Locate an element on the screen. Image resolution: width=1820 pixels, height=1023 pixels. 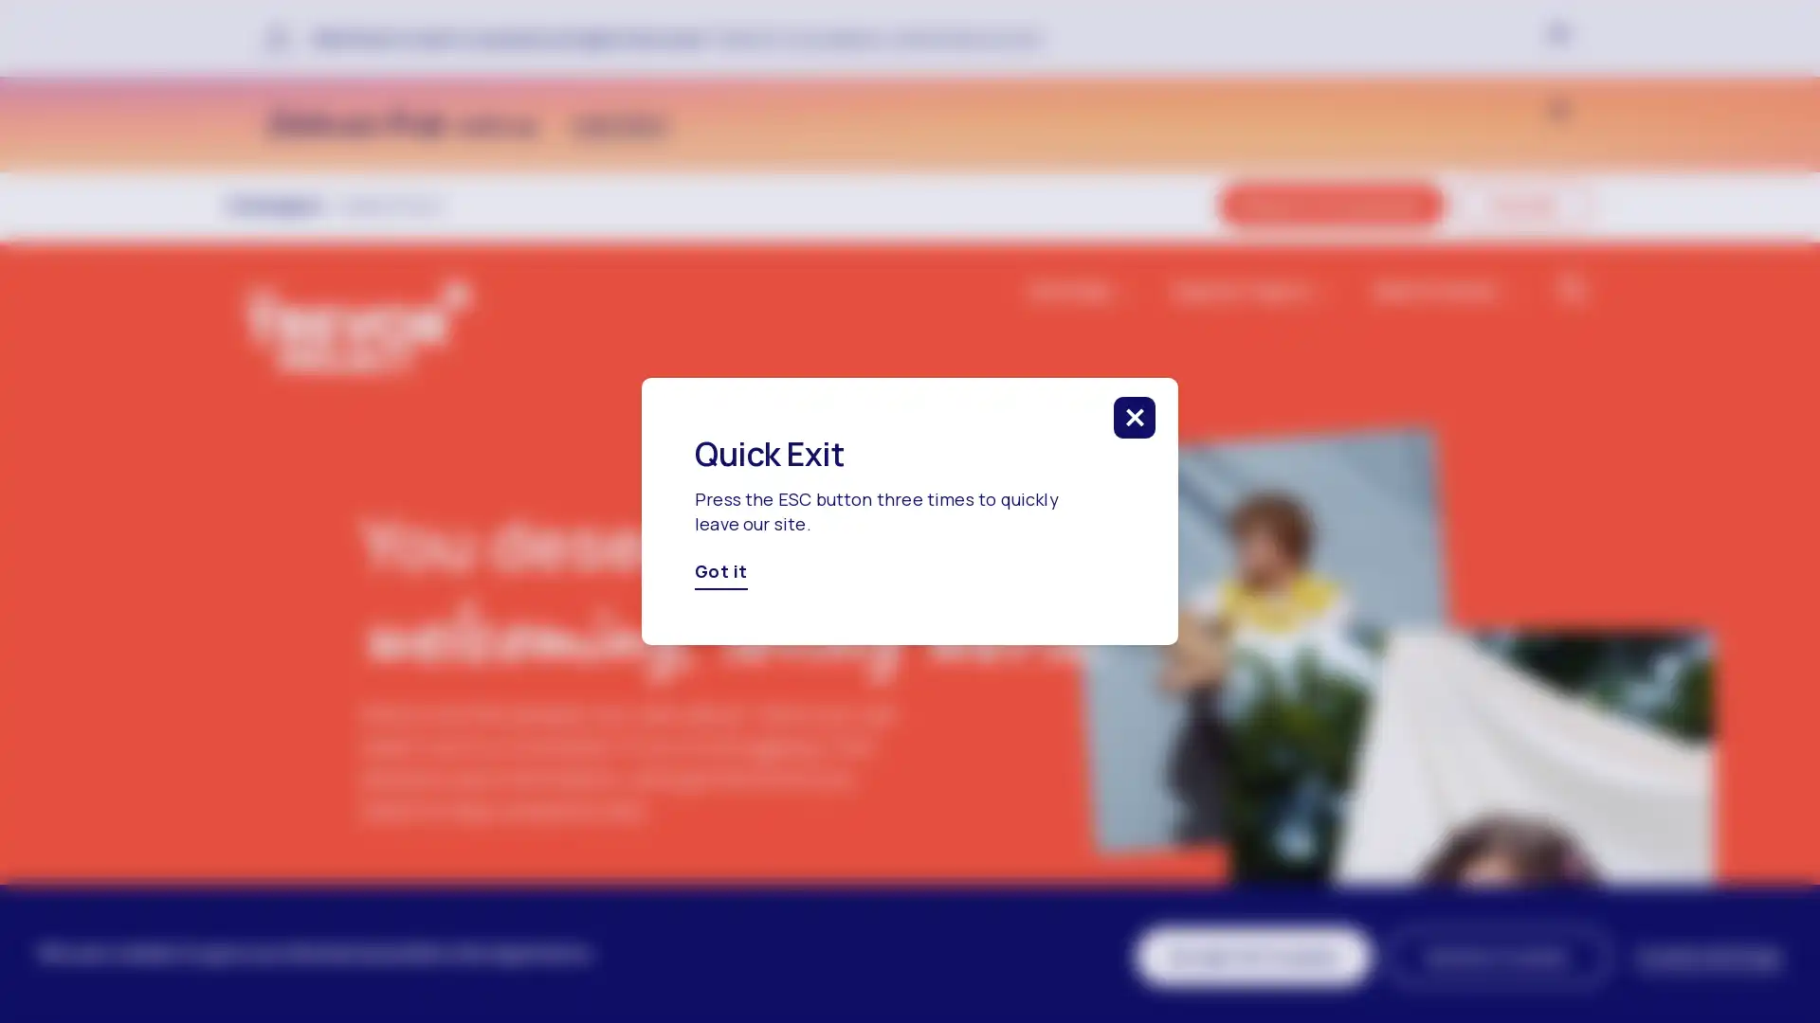
click to search in the website is located at coordinates (1580, 289).